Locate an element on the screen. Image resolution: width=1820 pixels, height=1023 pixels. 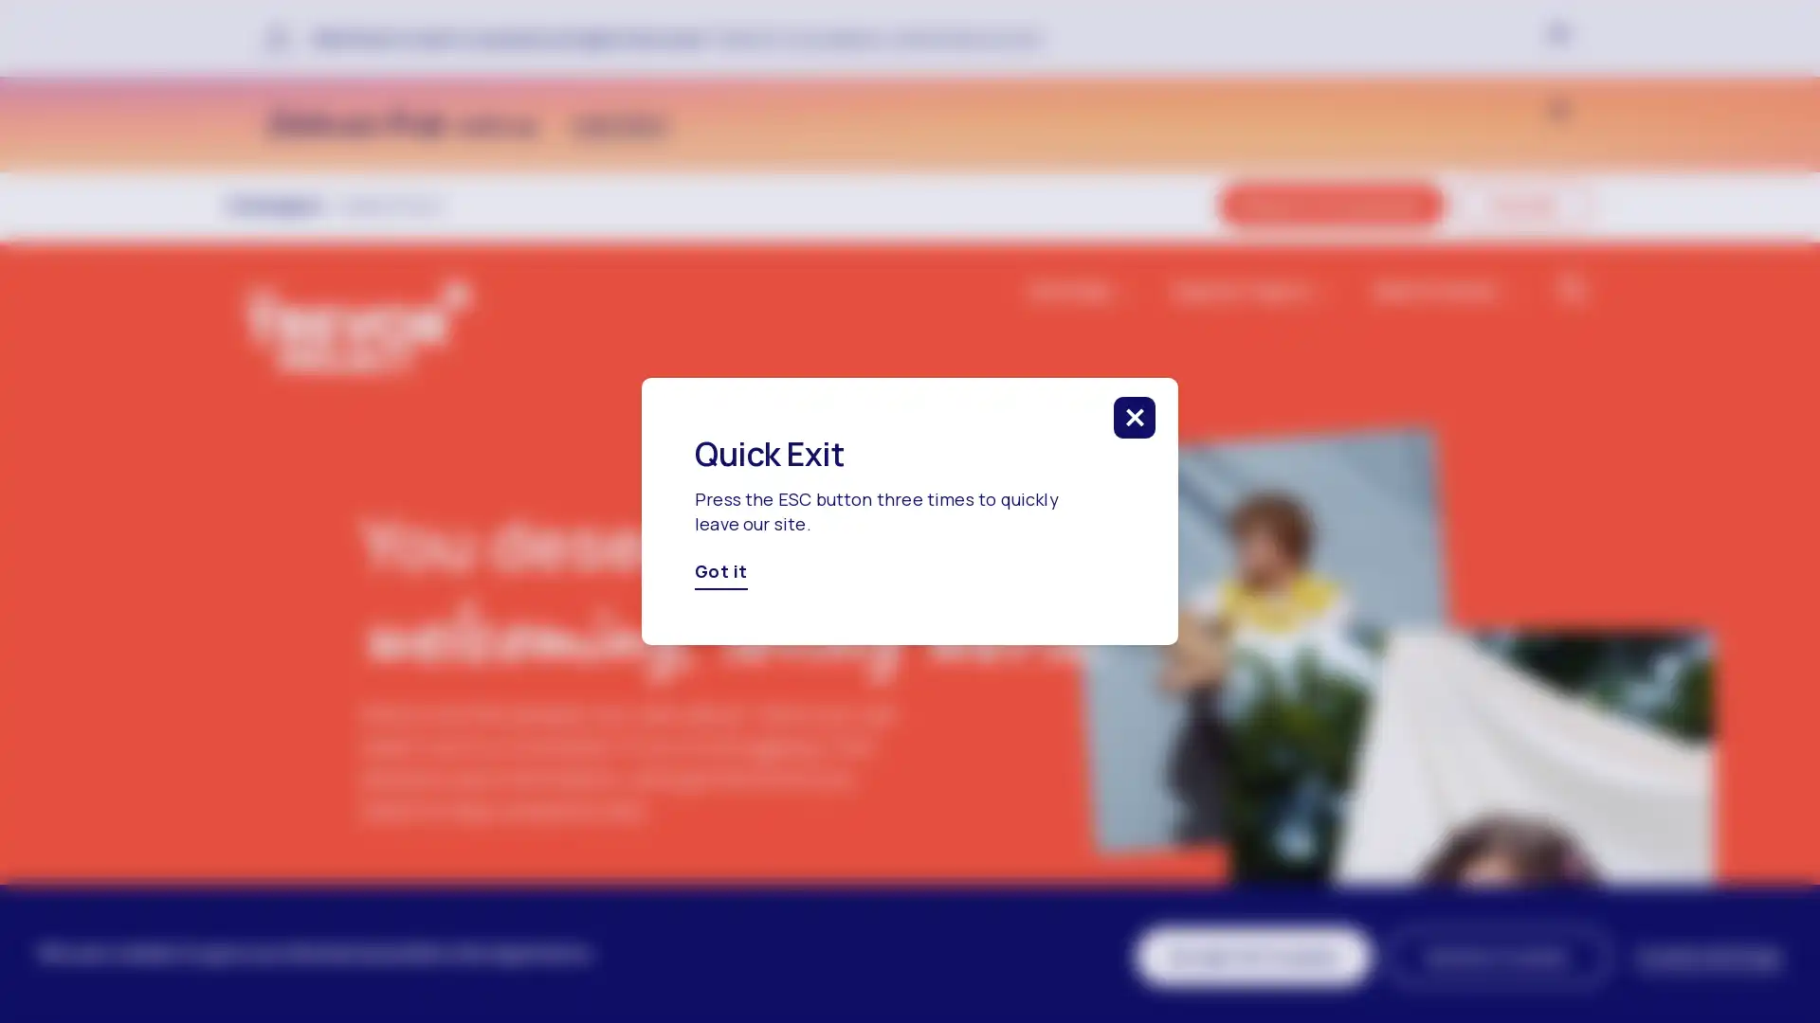
click to search in the website is located at coordinates (1580, 289).